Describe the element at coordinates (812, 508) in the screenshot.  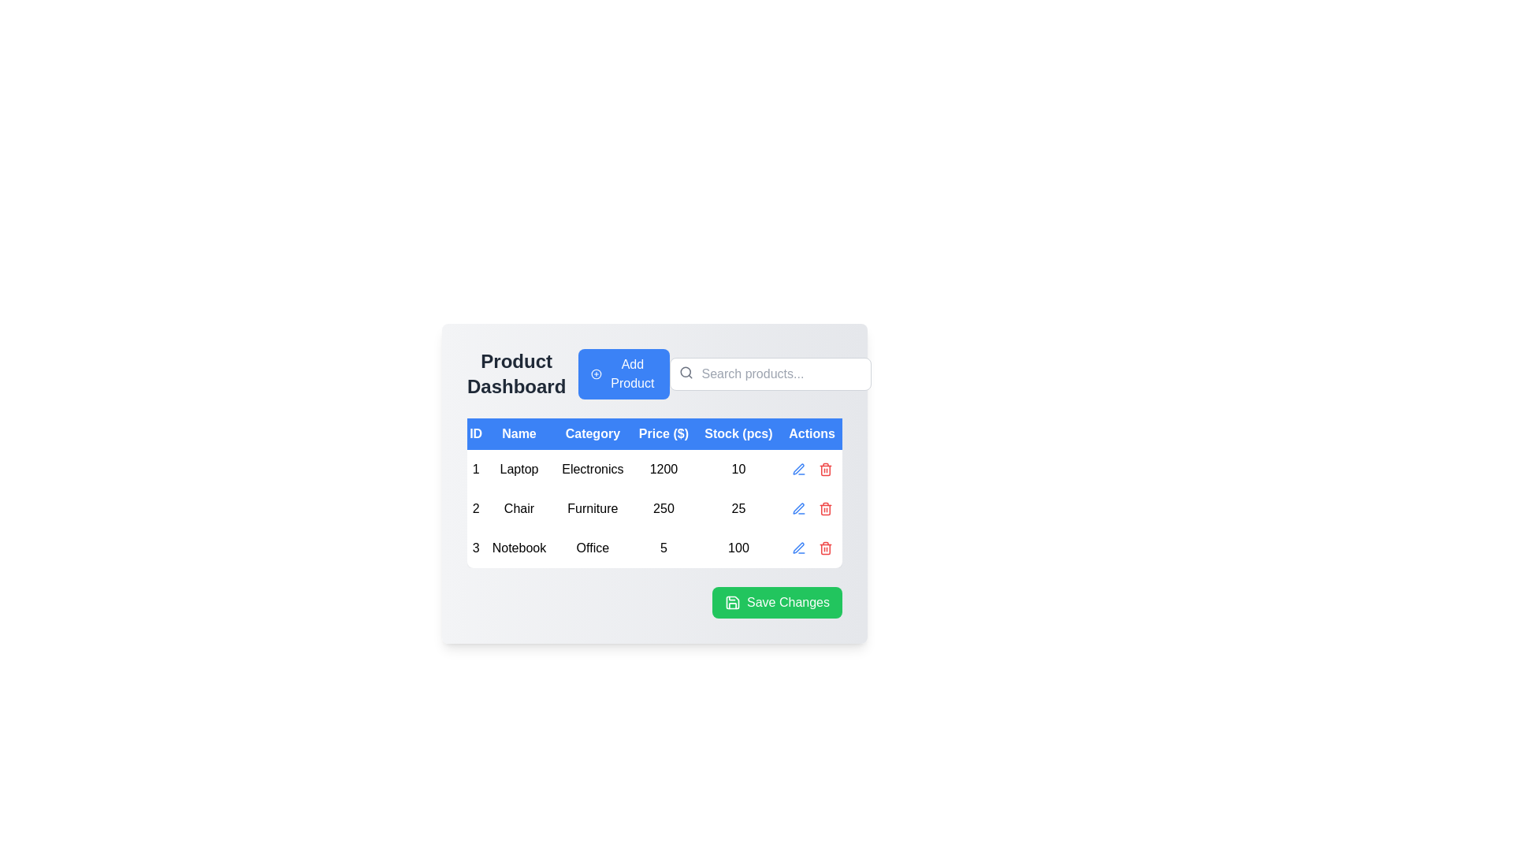
I see `the decorative layout spacer located in the rightmost cell of the second row under the 'Actions' column in the table-like data grid` at that location.